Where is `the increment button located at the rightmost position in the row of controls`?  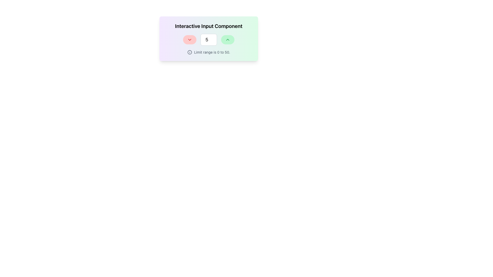
the increment button located at the rightmost position in the row of controls is located at coordinates (227, 39).